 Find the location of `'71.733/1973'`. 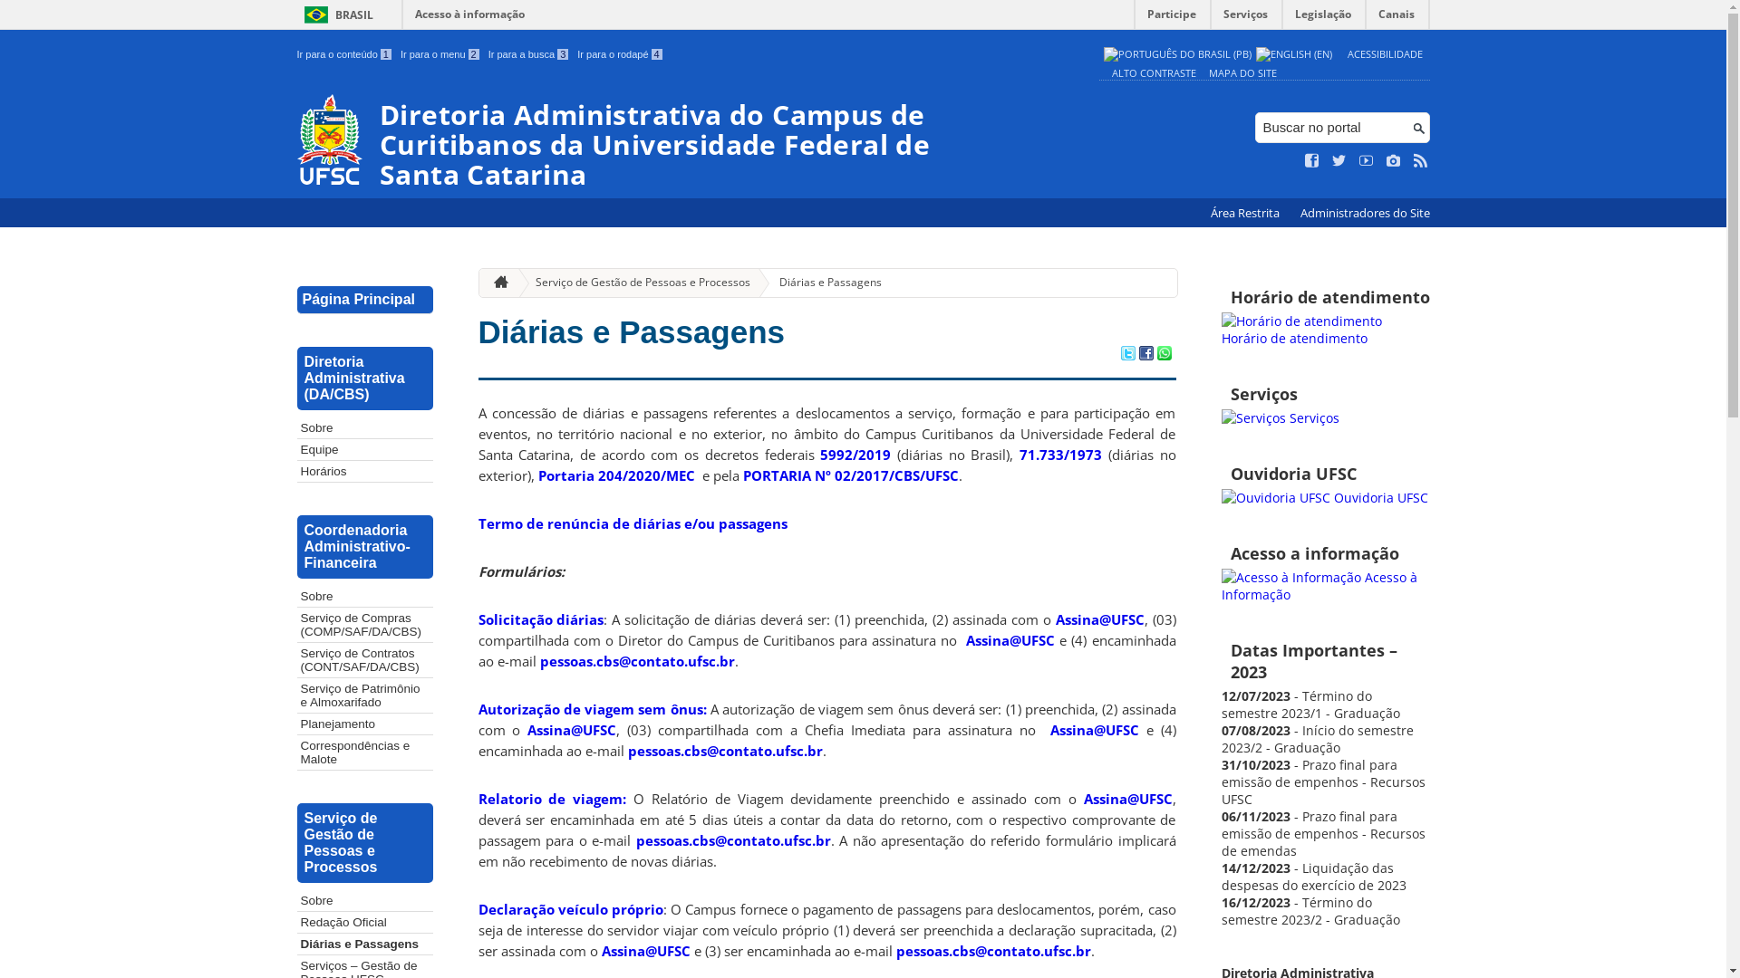

'71.733/1973' is located at coordinates (1060, 453).